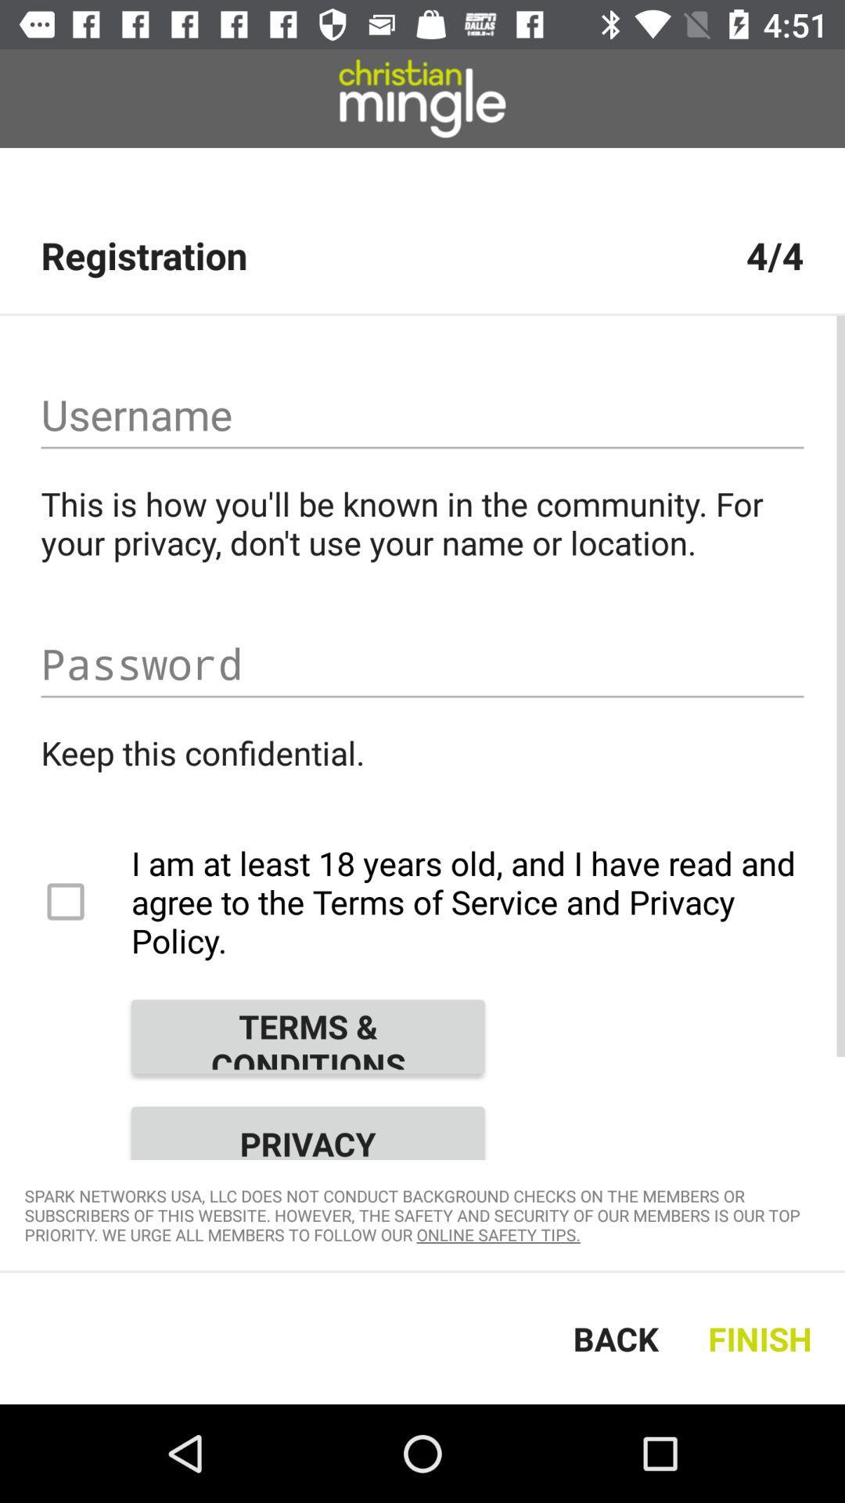 The height and width of the screenshot is (1503, 845). Describe the element at coordinates (422, 664) in the screenshot. I see `password text box` at that location.